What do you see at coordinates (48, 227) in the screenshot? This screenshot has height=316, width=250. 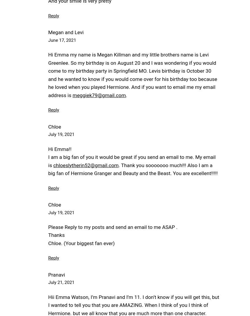 I see `'Please Reply to my posts and send an email to me ASAP .'` at bounding box center [48, 227].